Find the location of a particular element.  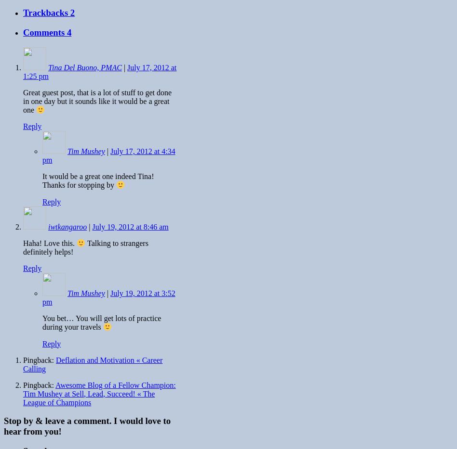

'iwtkangaroo' is located at coordinates (67, 226).